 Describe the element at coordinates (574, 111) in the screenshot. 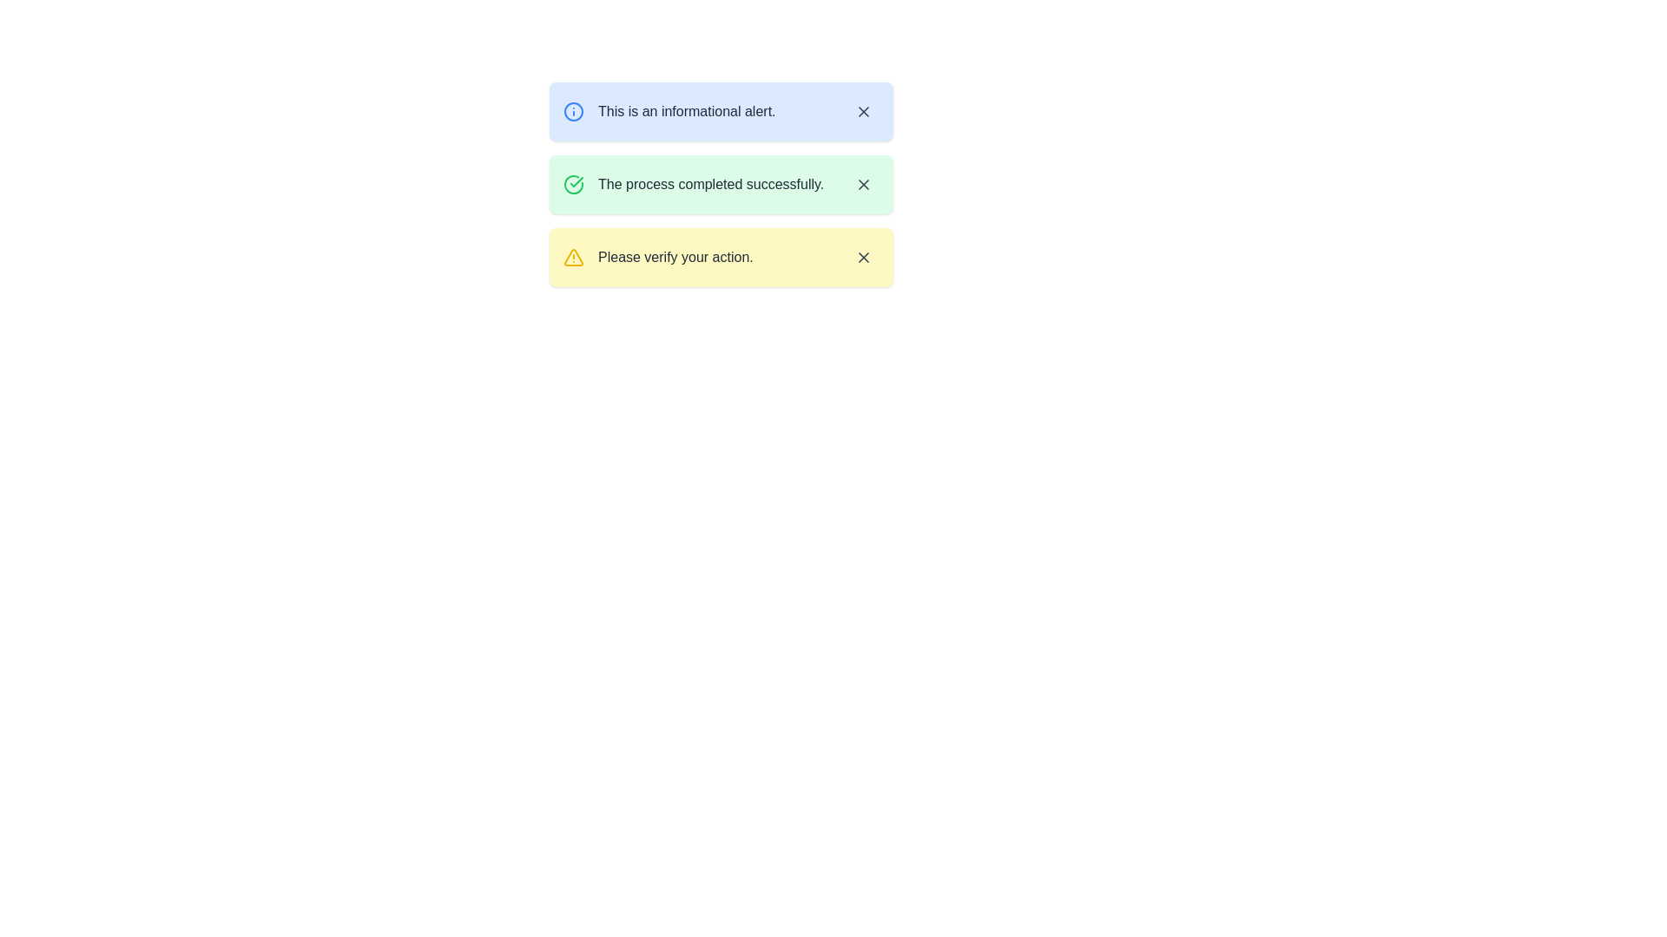

I see `the informational SVG icon located at the left side of the alert box preceding the text 'This is an informational alert.'` at that location.